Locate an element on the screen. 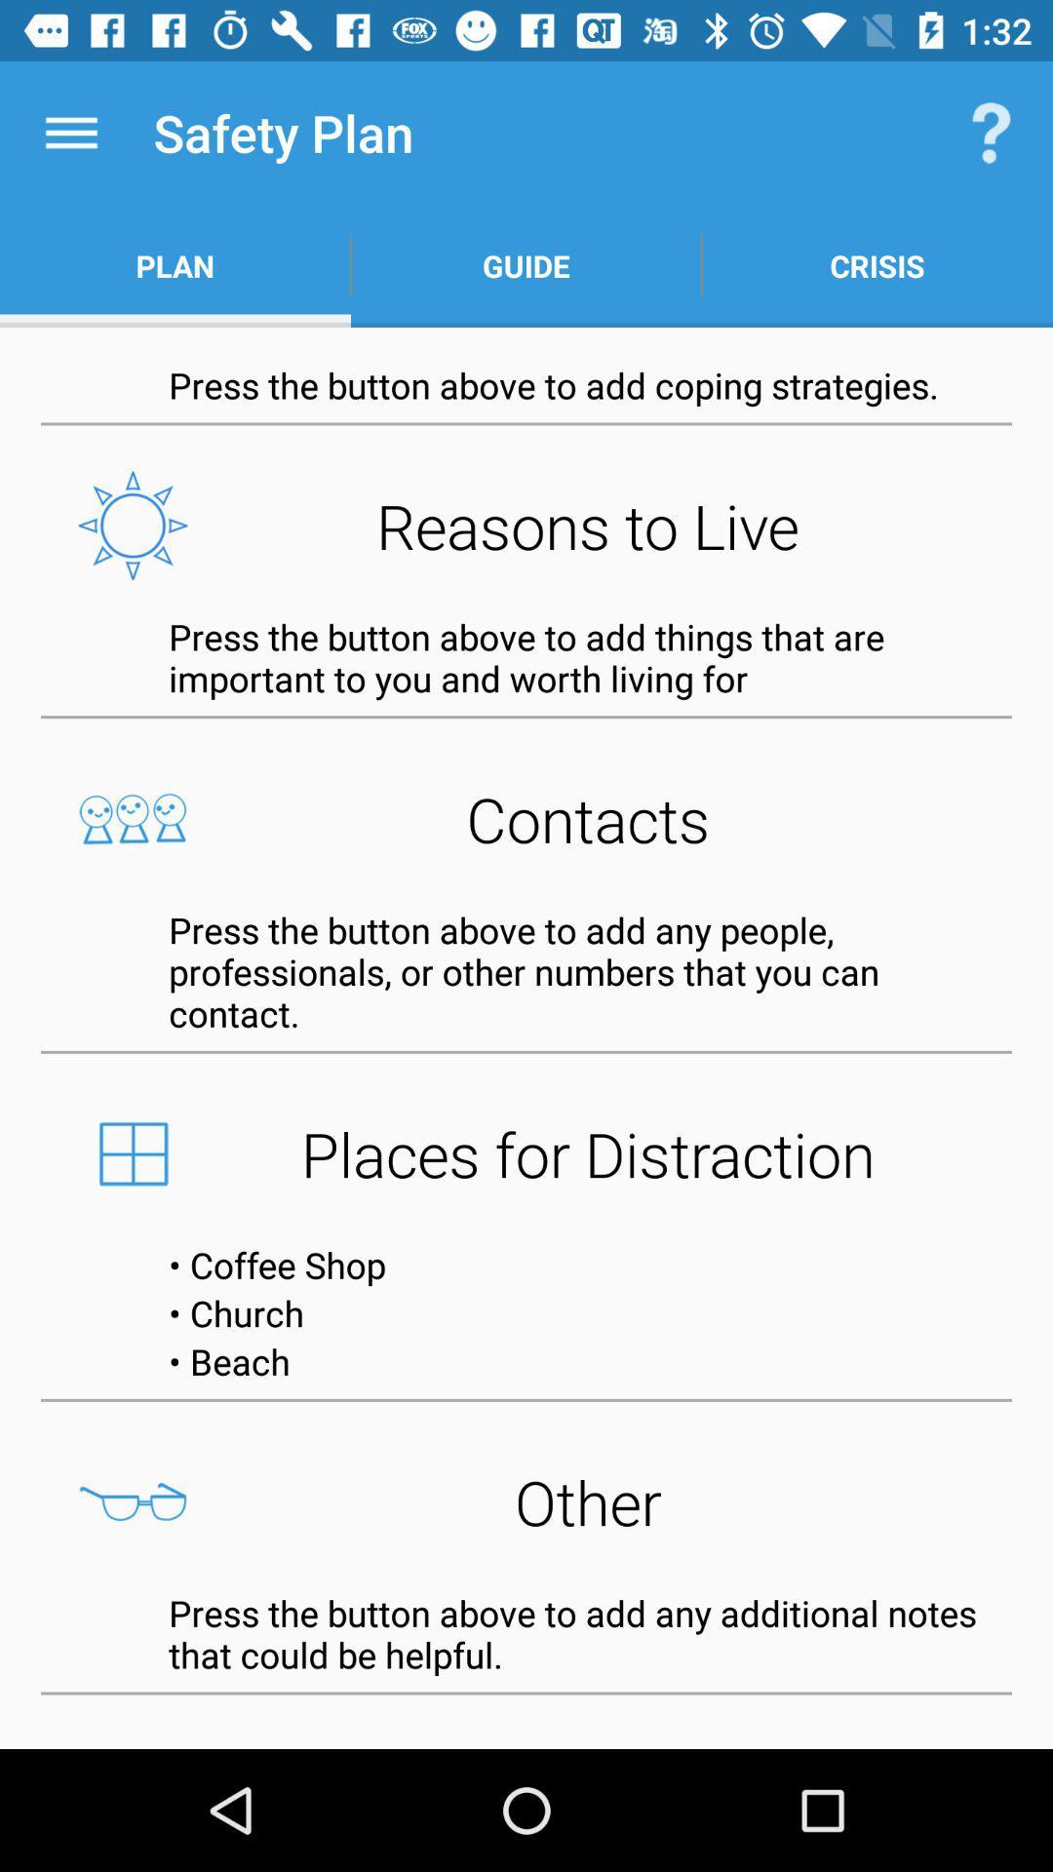 The image size is (1053, 1872). the icon to the right of guide is located at coordinates (876, 265).